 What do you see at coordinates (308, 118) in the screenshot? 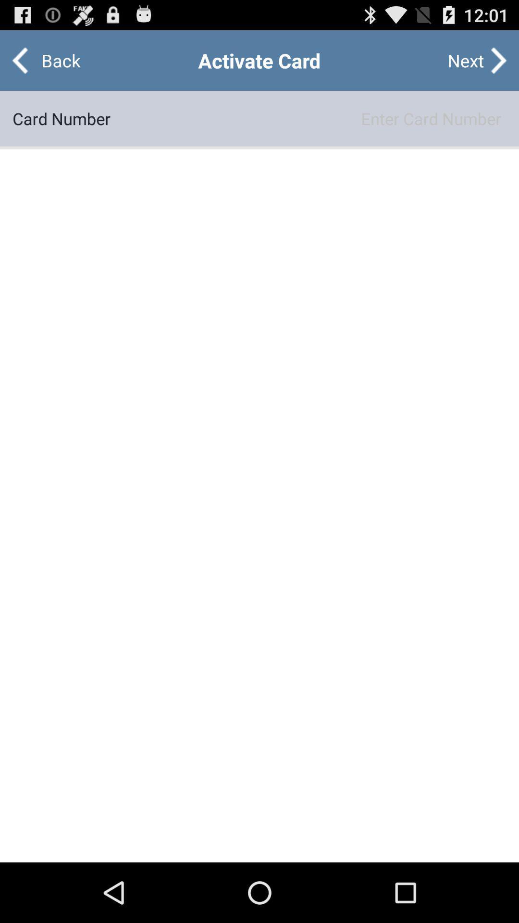
I see `type the card number` at bounding box center [308, 118].